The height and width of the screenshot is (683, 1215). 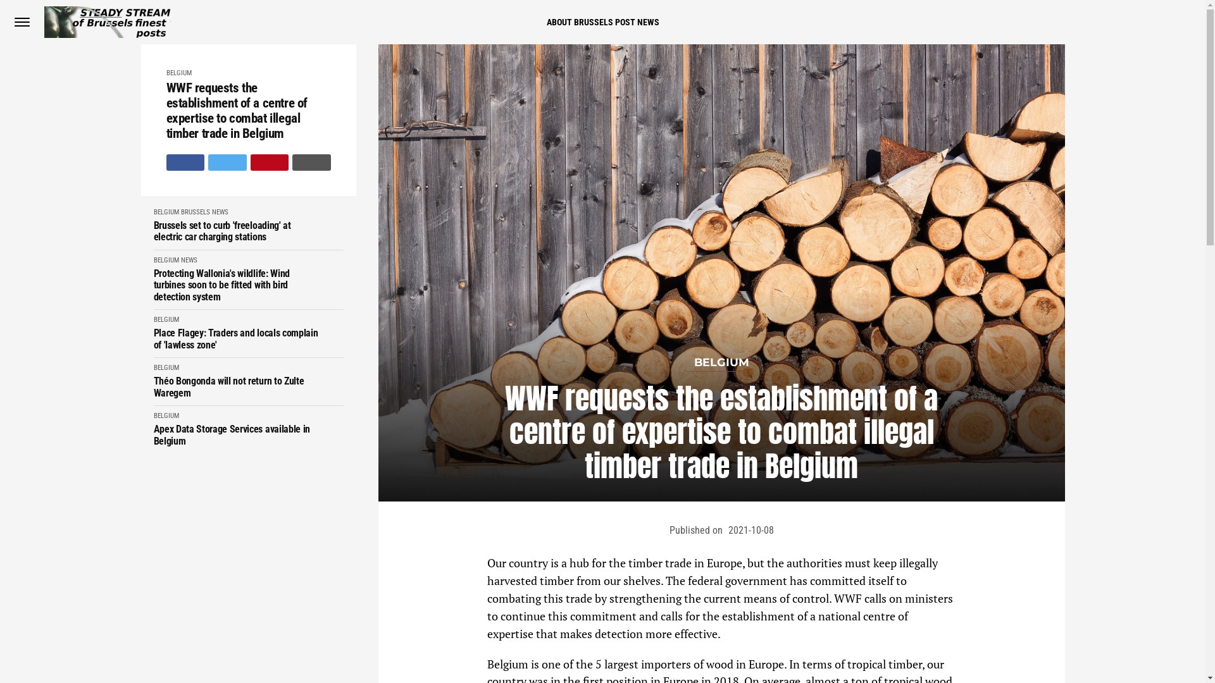 I want to click on 'BELGIUM', so click(x=178, y=73).